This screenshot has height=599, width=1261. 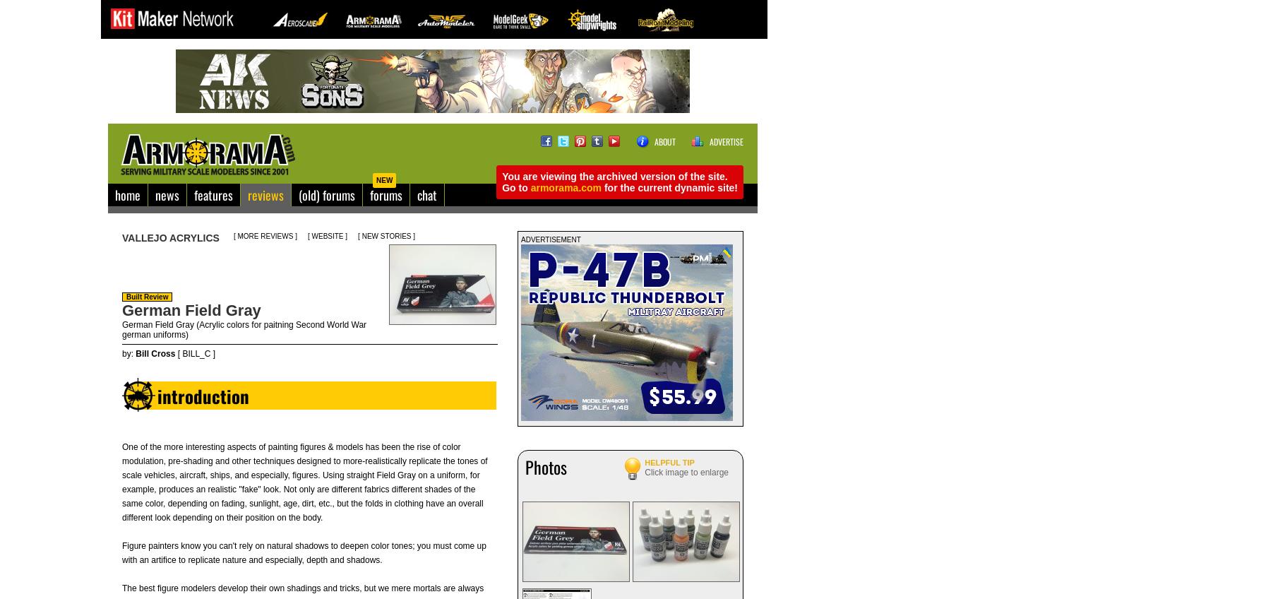 I want to click on 'NEW', so click(x=383, y=179).